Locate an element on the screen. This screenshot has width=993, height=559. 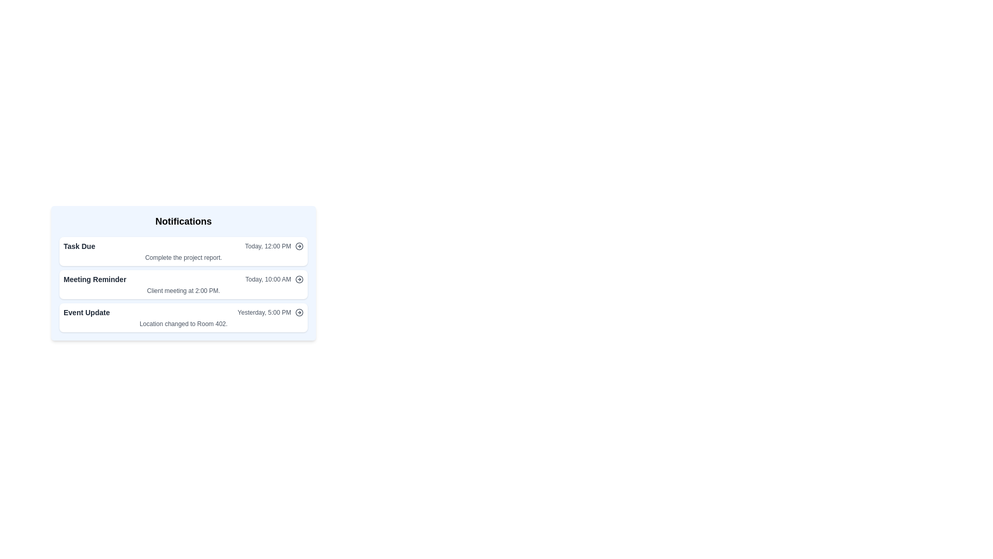
the circle outline graphic element that indicates an actionable item in the notification list is located at coordinates (299, 279).